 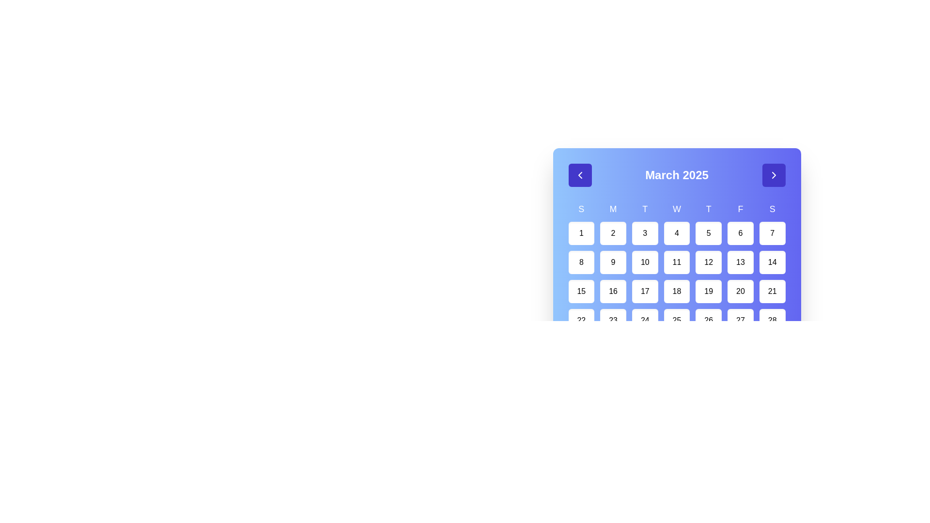 What do you see at coordinates (740, 262) in the screenshot?
I see `the date cell displaying the number '13' in the calendar grid` at bounding box center [740, 262].